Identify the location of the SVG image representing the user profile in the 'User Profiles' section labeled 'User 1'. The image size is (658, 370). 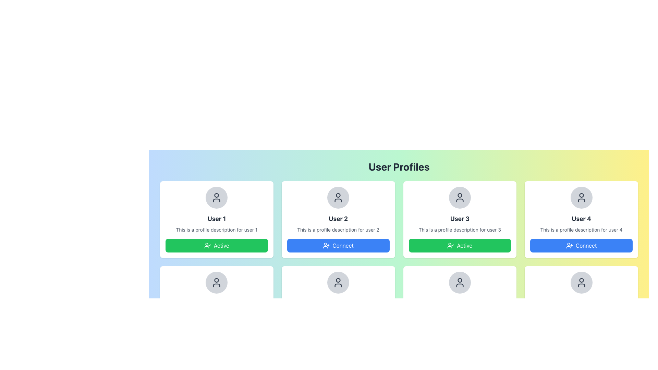
(216, 198).